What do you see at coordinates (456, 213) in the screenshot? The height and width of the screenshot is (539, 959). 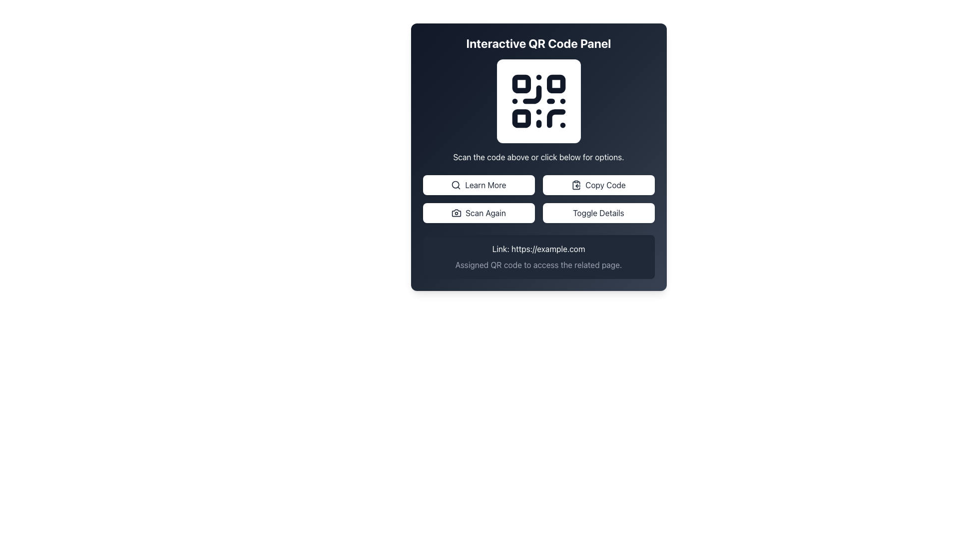 I see `the camera icon` at bounding box center [456, 213].